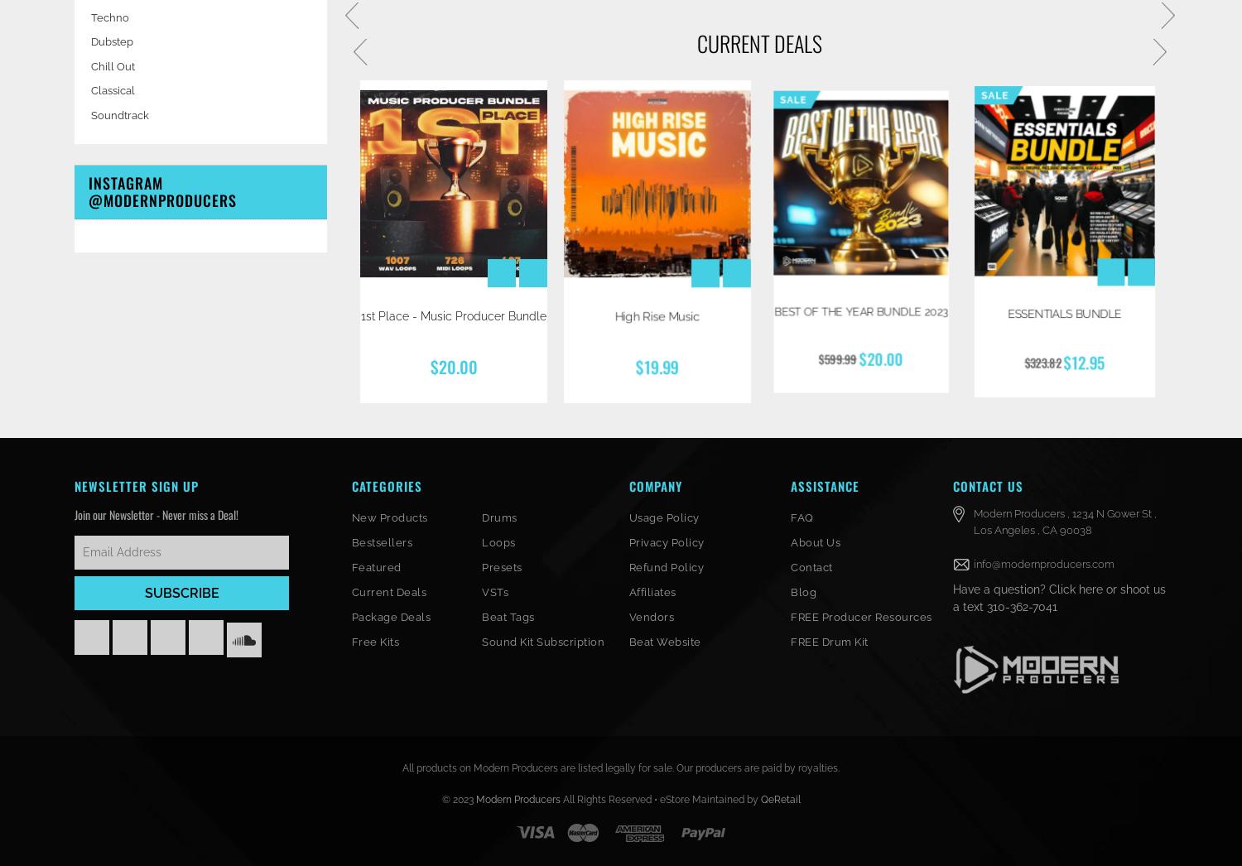 The height and width of the screenshot is (866, 1242). I want to click on 'FREE Producer Resources', so click(860, 615).